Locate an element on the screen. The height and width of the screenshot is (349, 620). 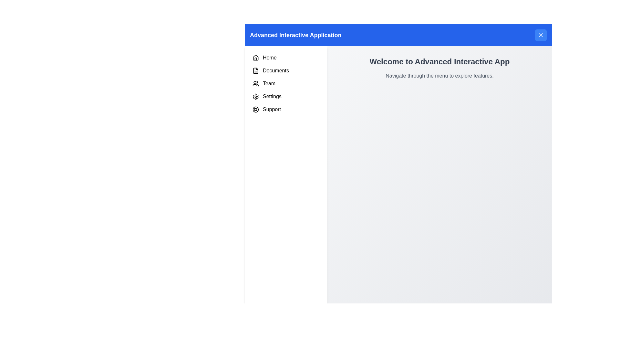
the text header that says 'Welcome to Advanced Interactive App', which is prominently displayed at the top center of the right pane is located at coordinates (439, 62).